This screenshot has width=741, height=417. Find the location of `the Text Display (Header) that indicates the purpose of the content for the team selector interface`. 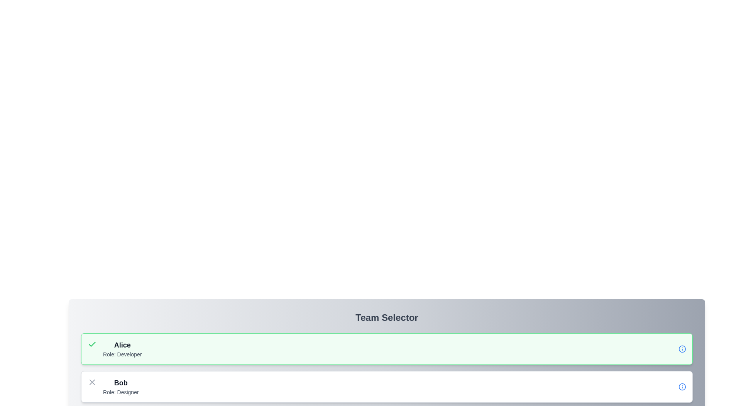

the Text Display (Header) that indicates the purpose of the content for the team selector interface is located at coordinates (387, 317).